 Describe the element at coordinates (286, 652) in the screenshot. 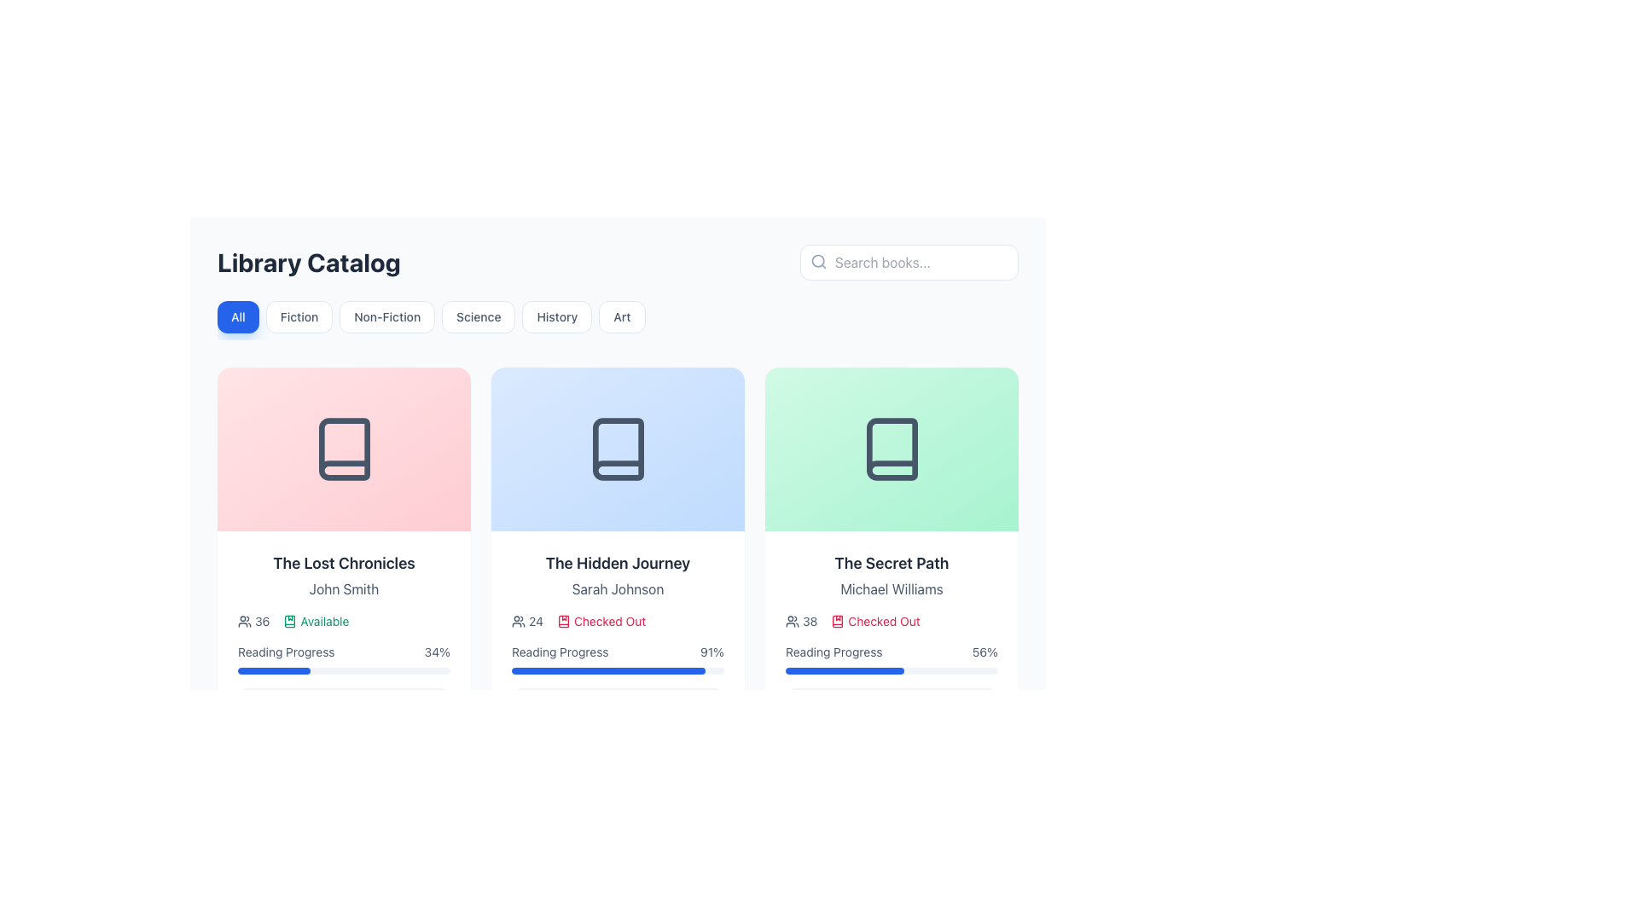

I see `the 'Reading Progress' label, which describes the percentage value and progress bar associated with it, located in the lower section of a book card in the library catalog interface` at that location.